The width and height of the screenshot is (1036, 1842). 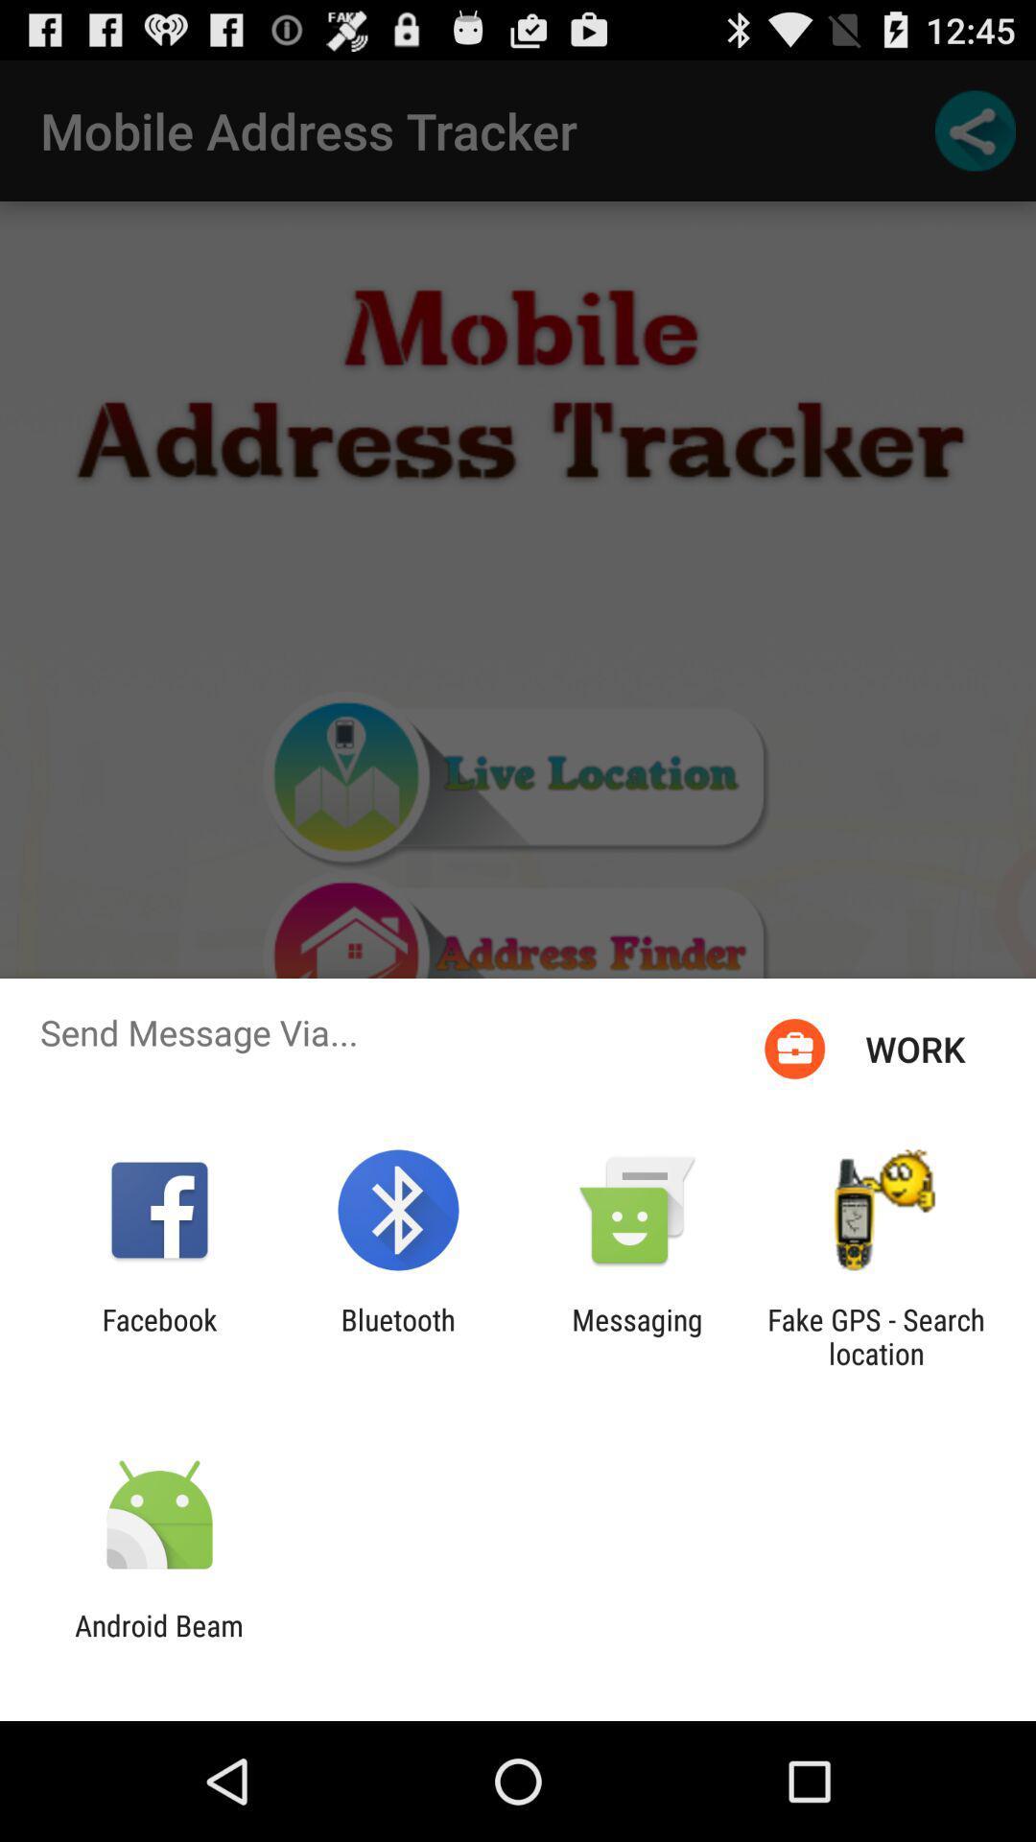 I want to click on the fake gps search, so click(x=876, y=1335).